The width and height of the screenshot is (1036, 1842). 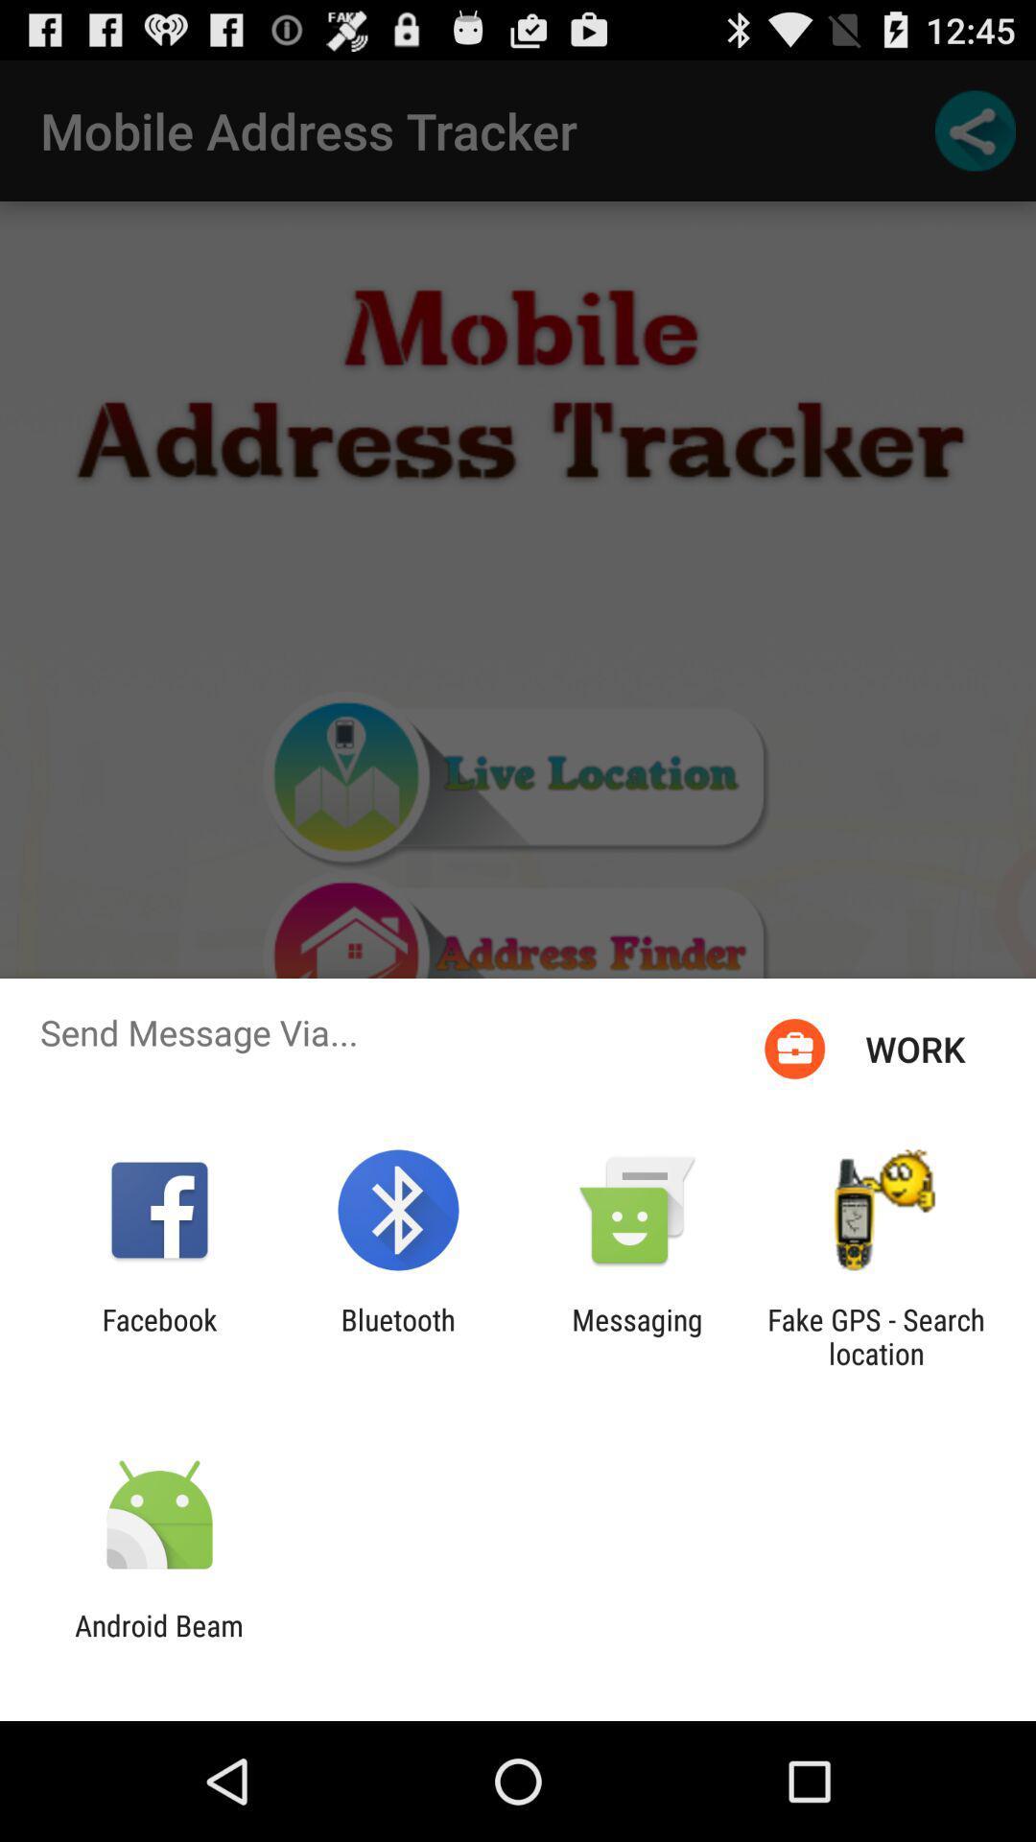 I want to click on the fake gps search, so click(x=876, y=1335).